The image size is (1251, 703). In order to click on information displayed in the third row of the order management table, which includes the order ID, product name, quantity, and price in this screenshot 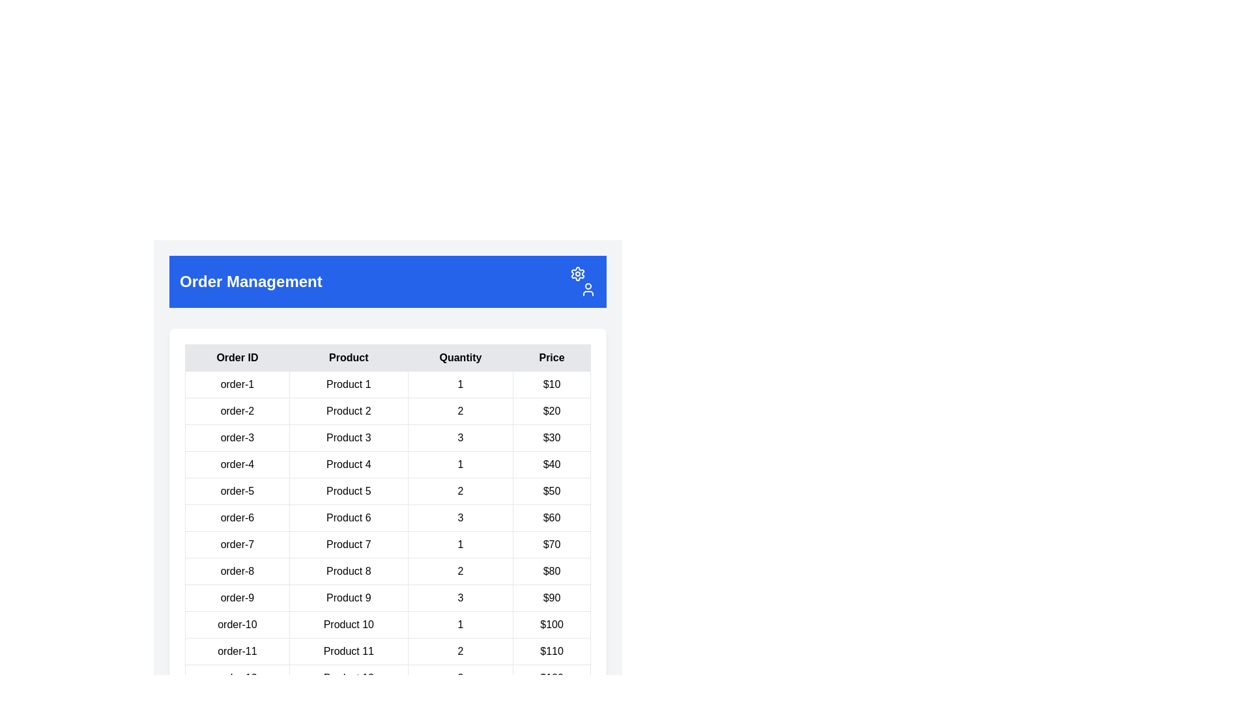, I will do `click(387, 437)`.